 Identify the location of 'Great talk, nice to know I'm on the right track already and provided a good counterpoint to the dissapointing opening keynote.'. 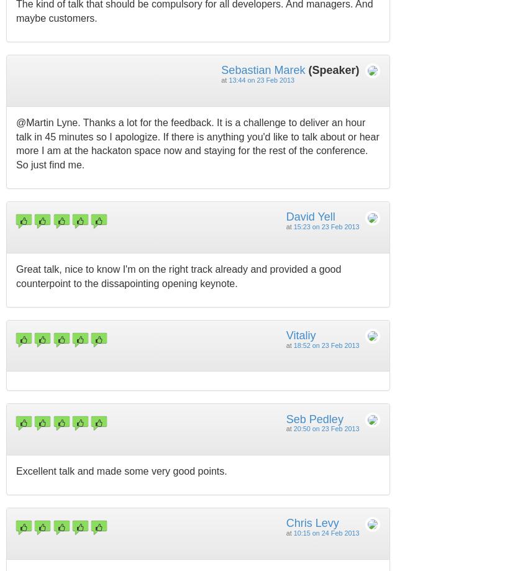
(178, 275).